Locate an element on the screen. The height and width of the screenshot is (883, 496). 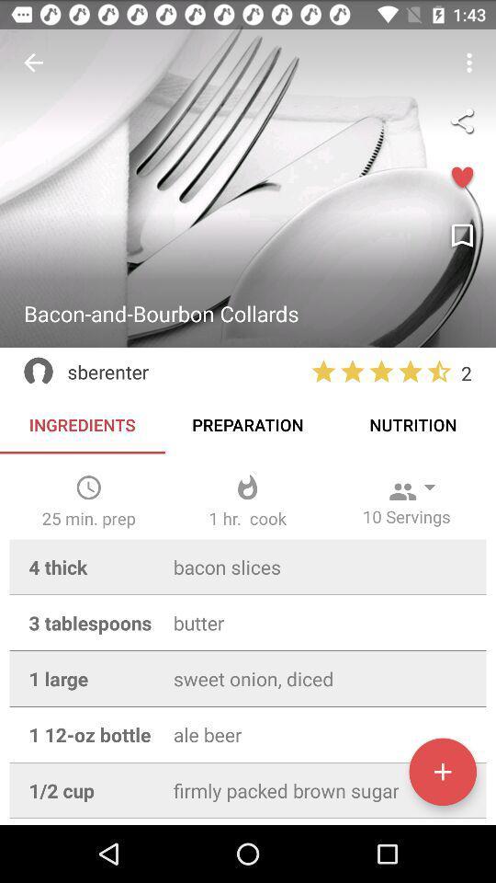
share the article is located at coordinates (461, 120).